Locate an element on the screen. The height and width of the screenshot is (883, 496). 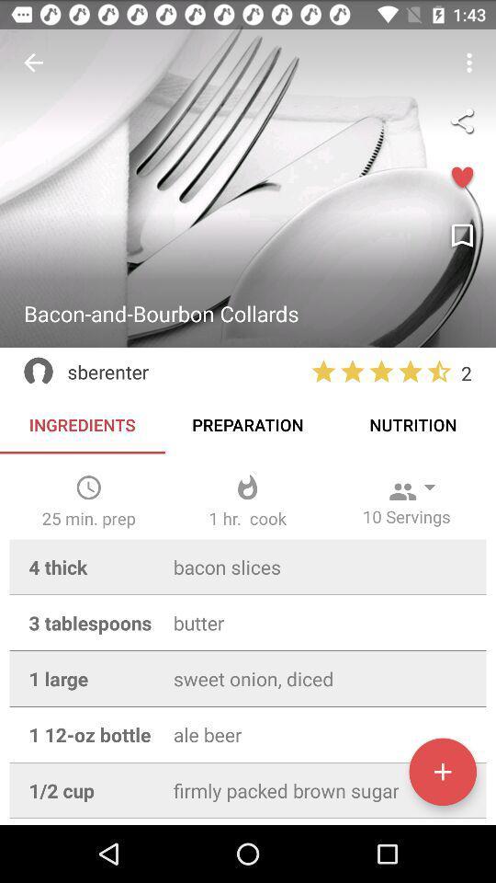
share the article is located at coordinates (461, 120).